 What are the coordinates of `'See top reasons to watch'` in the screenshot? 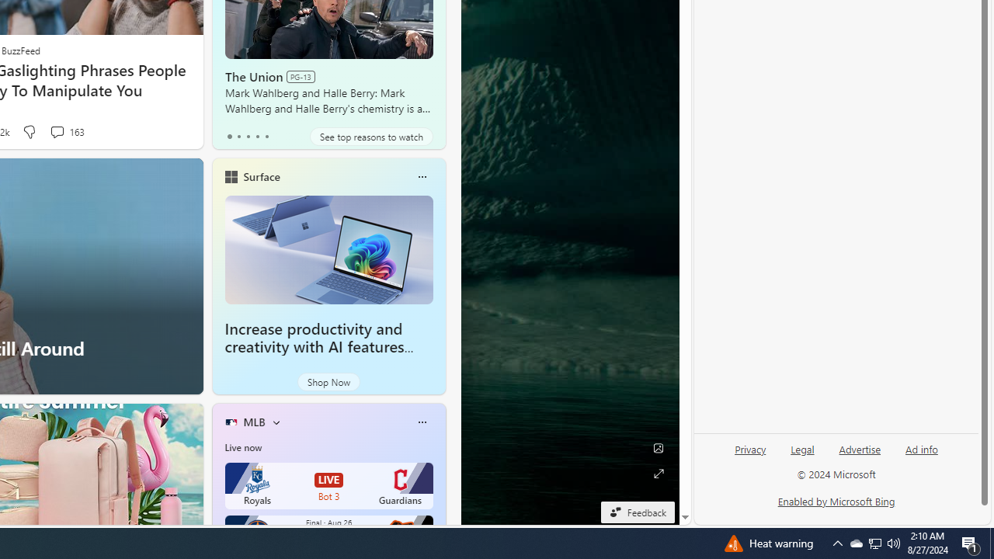 It's located at (370, 136).